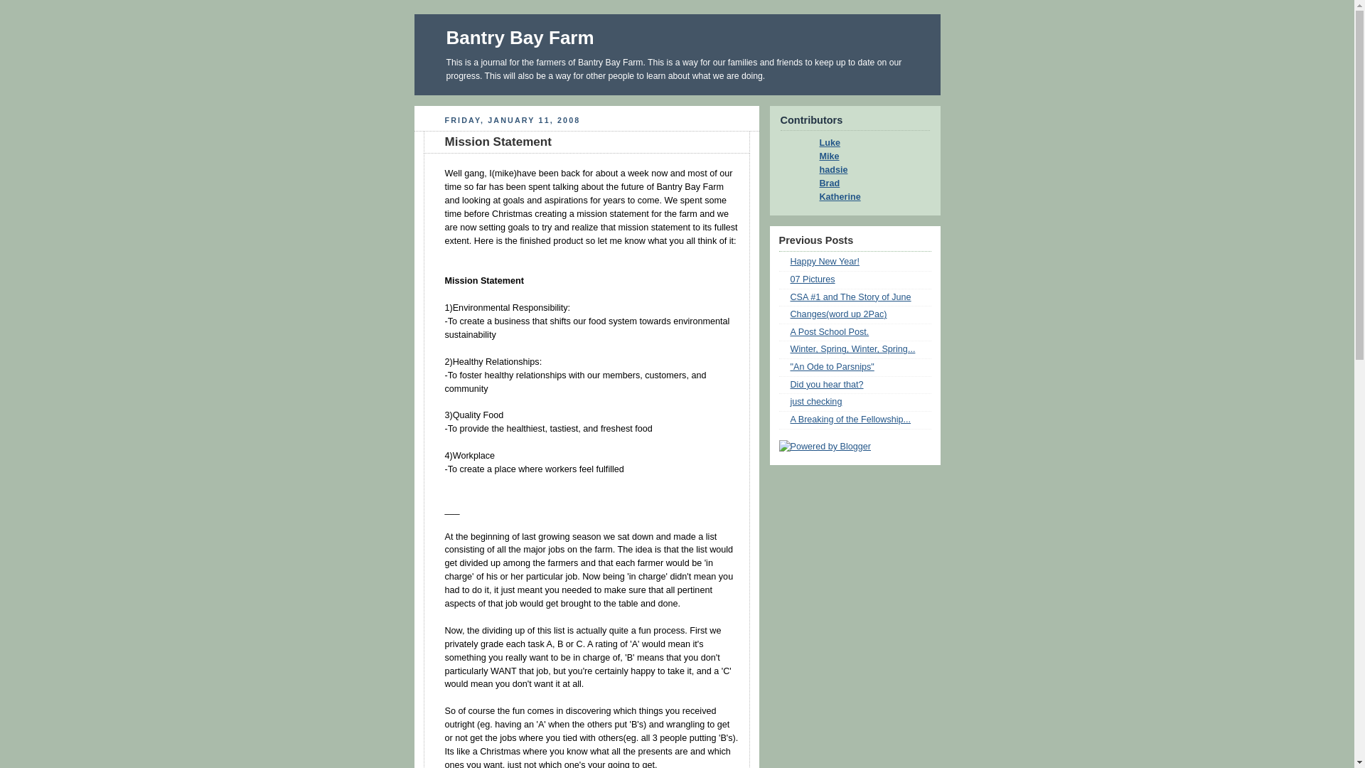 The width and height of the screenshot is (1365, 768). I want to click on 'Bantry Bay Farm', so click(446, 37).